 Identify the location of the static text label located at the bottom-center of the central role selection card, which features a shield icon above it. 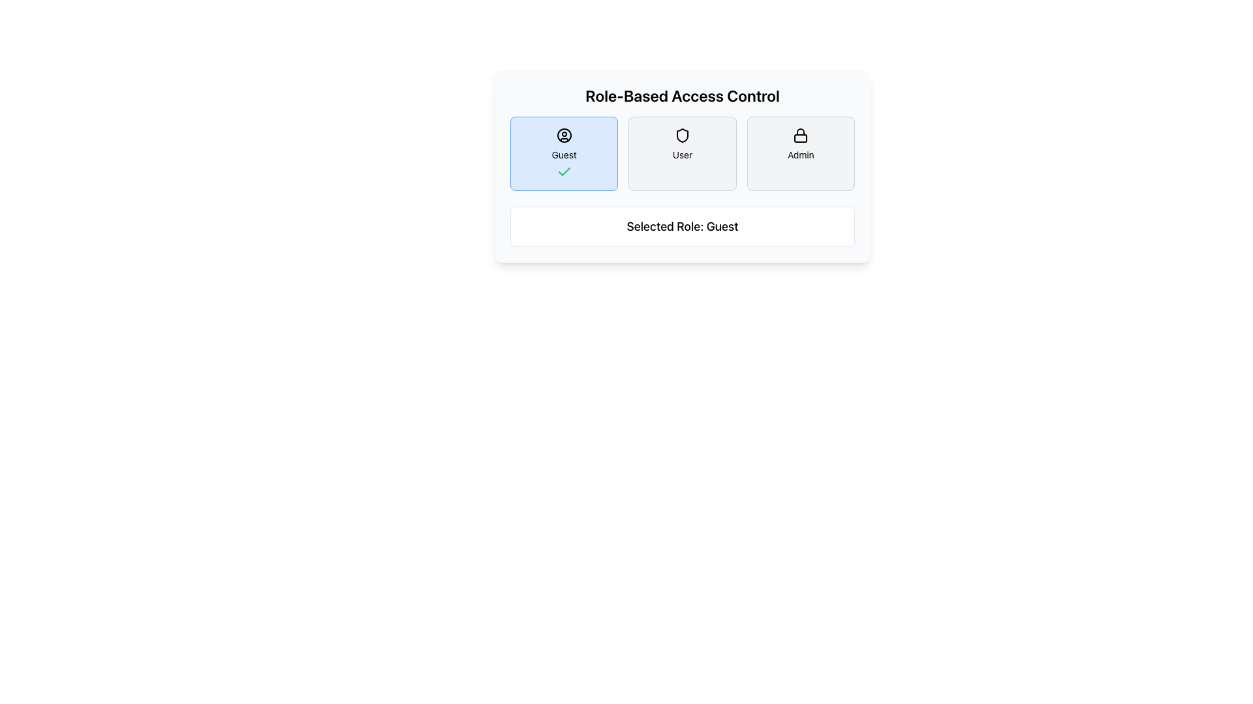
(682, 154).